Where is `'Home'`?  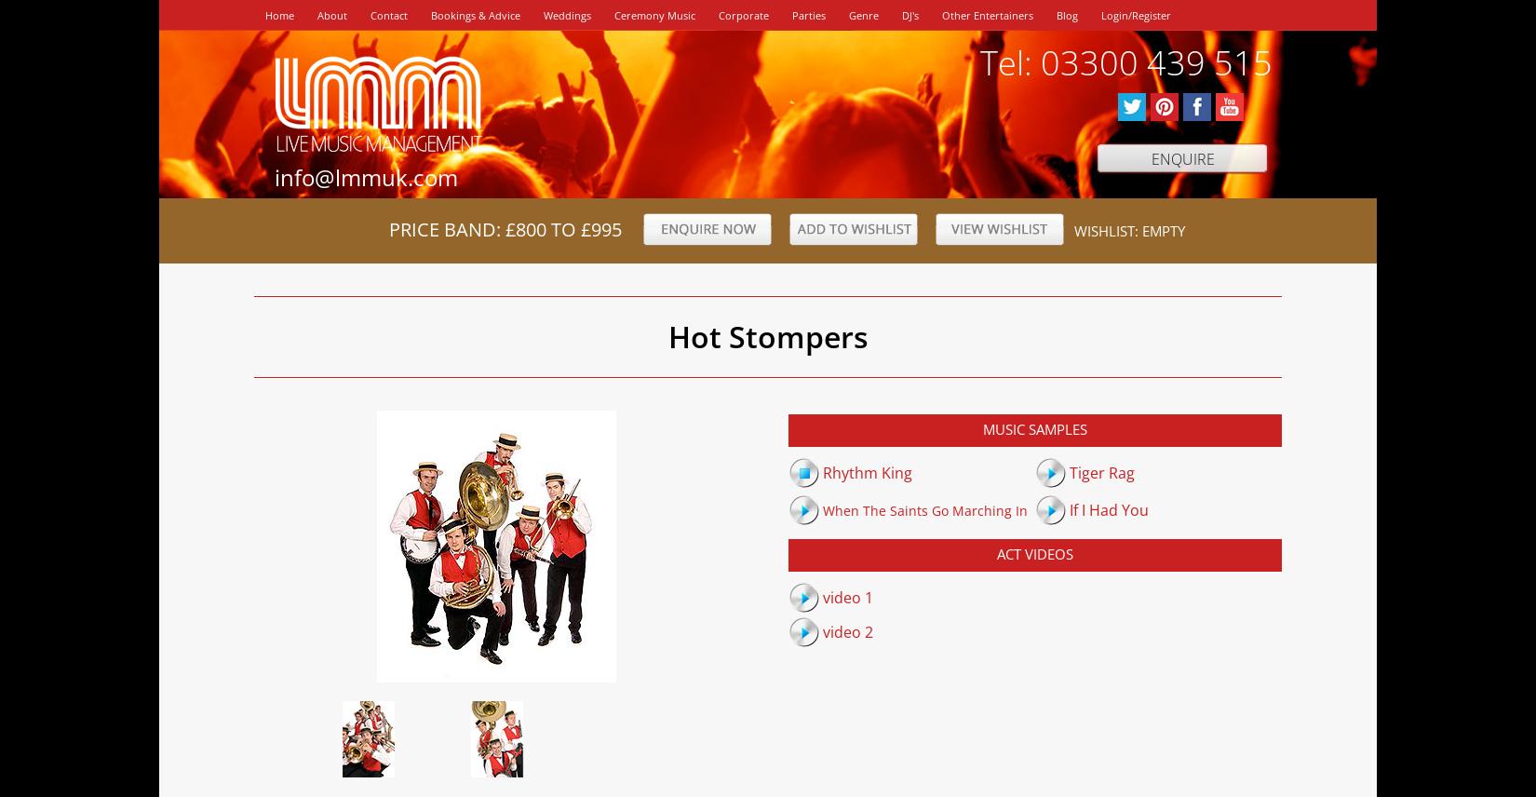
'Home' is located at coordinates (279, 15).